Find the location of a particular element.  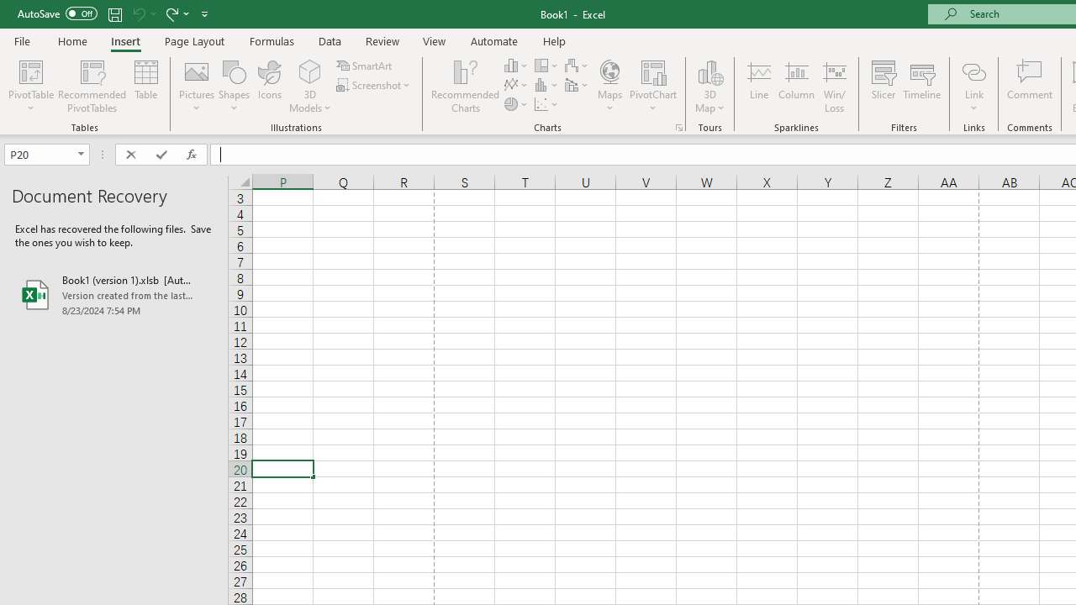

'Recommended PivotTables' is located at coordinates (92, 87).